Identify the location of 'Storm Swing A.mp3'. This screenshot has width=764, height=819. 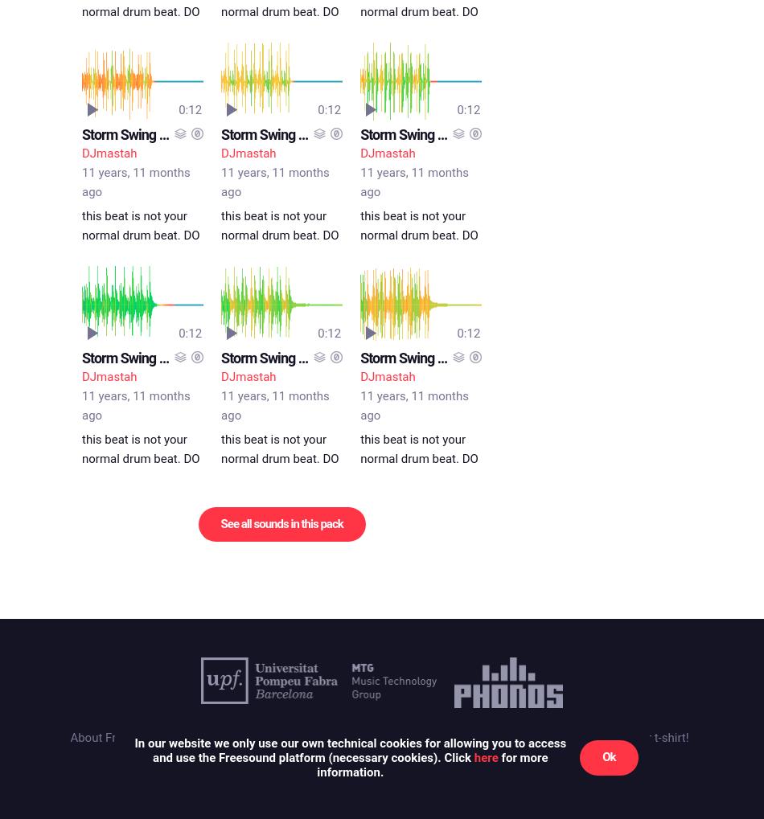
(140, 355).